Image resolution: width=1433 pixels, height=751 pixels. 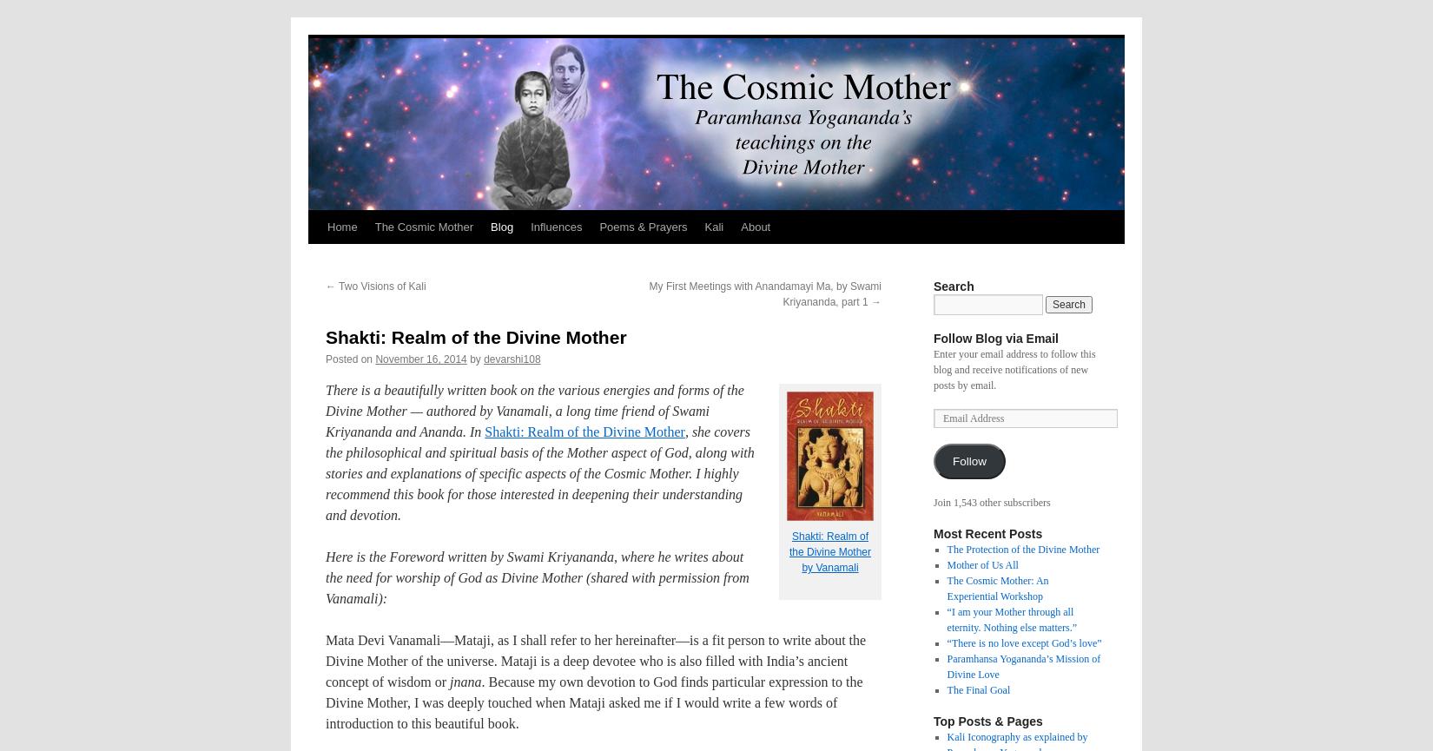 What do you see at coordinates (473, 359) in the screenshot?
I see `'by'` at bounding box center [473, 359].